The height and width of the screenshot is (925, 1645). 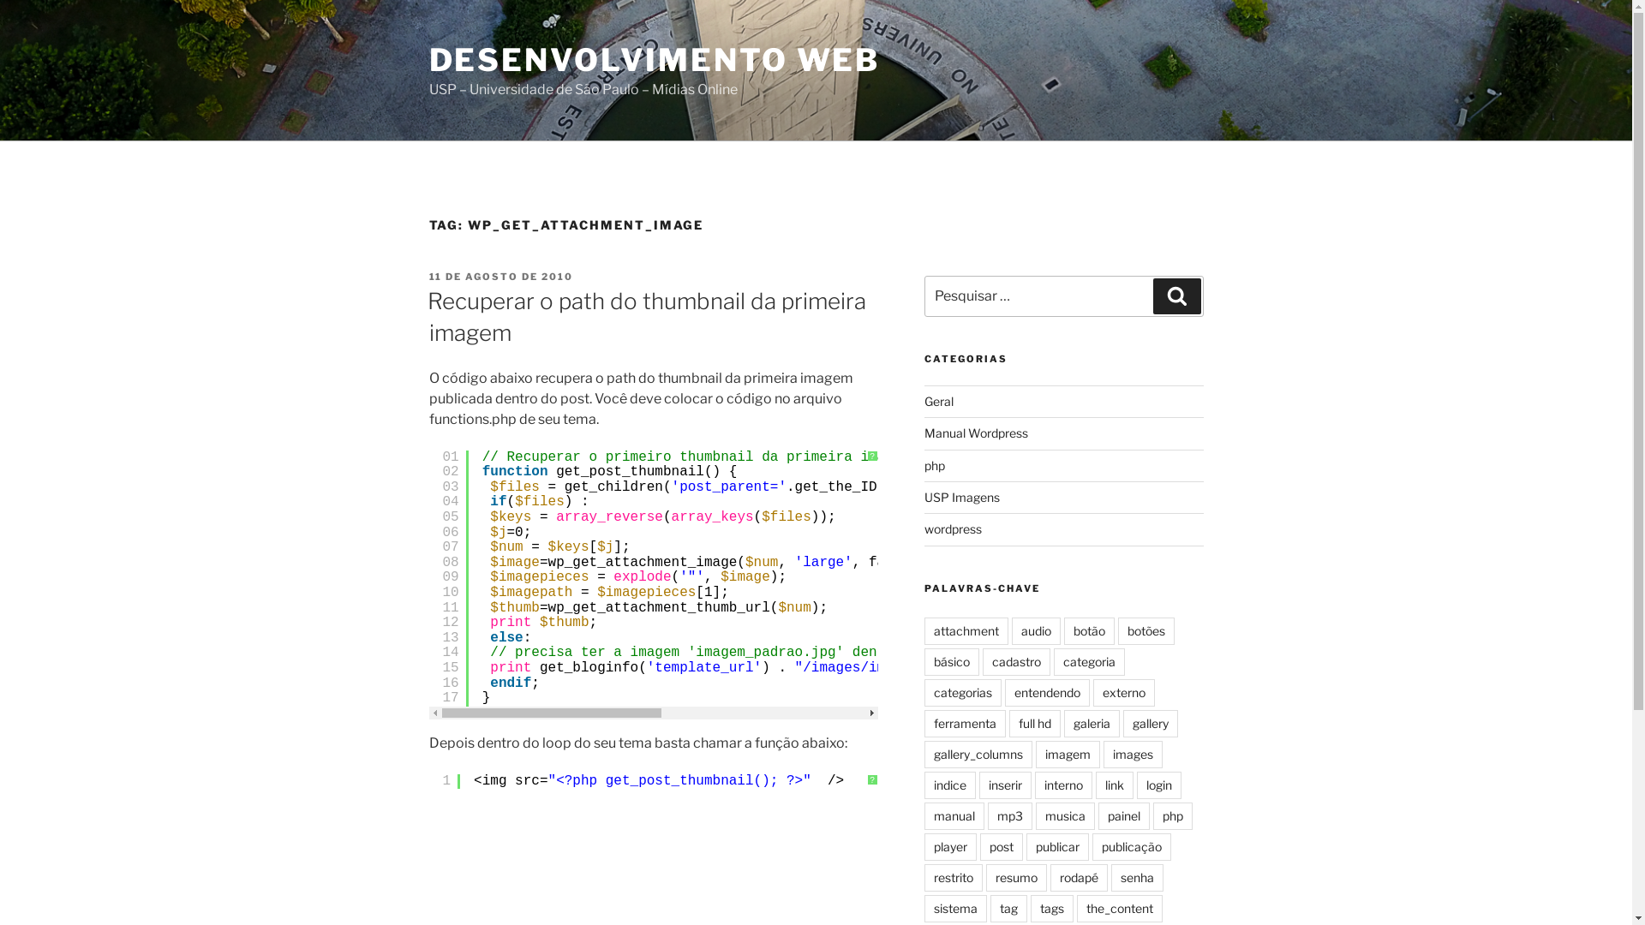 I want to click on 'publicar', so click(x=1026, y=845).